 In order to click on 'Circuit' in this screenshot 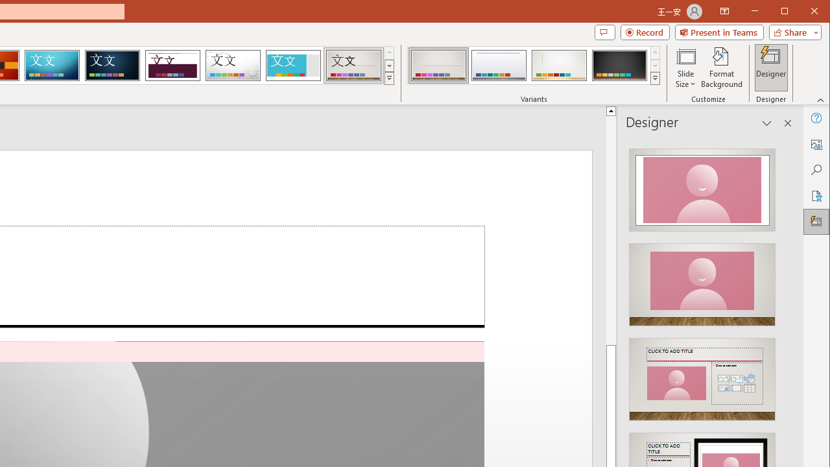, I will do `click(52, 65)`.